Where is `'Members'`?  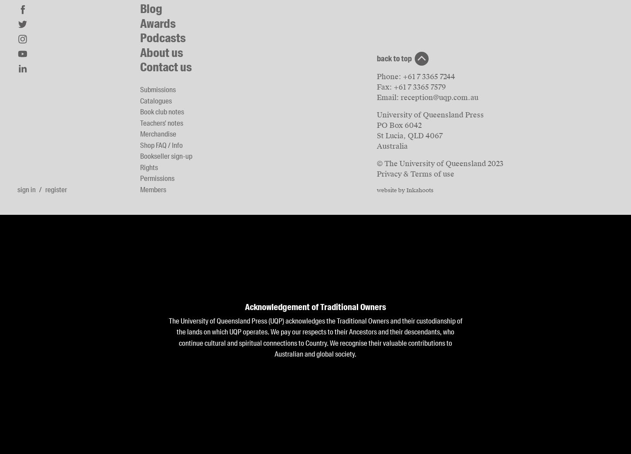
'Members' is located at coordinates (153, 189).